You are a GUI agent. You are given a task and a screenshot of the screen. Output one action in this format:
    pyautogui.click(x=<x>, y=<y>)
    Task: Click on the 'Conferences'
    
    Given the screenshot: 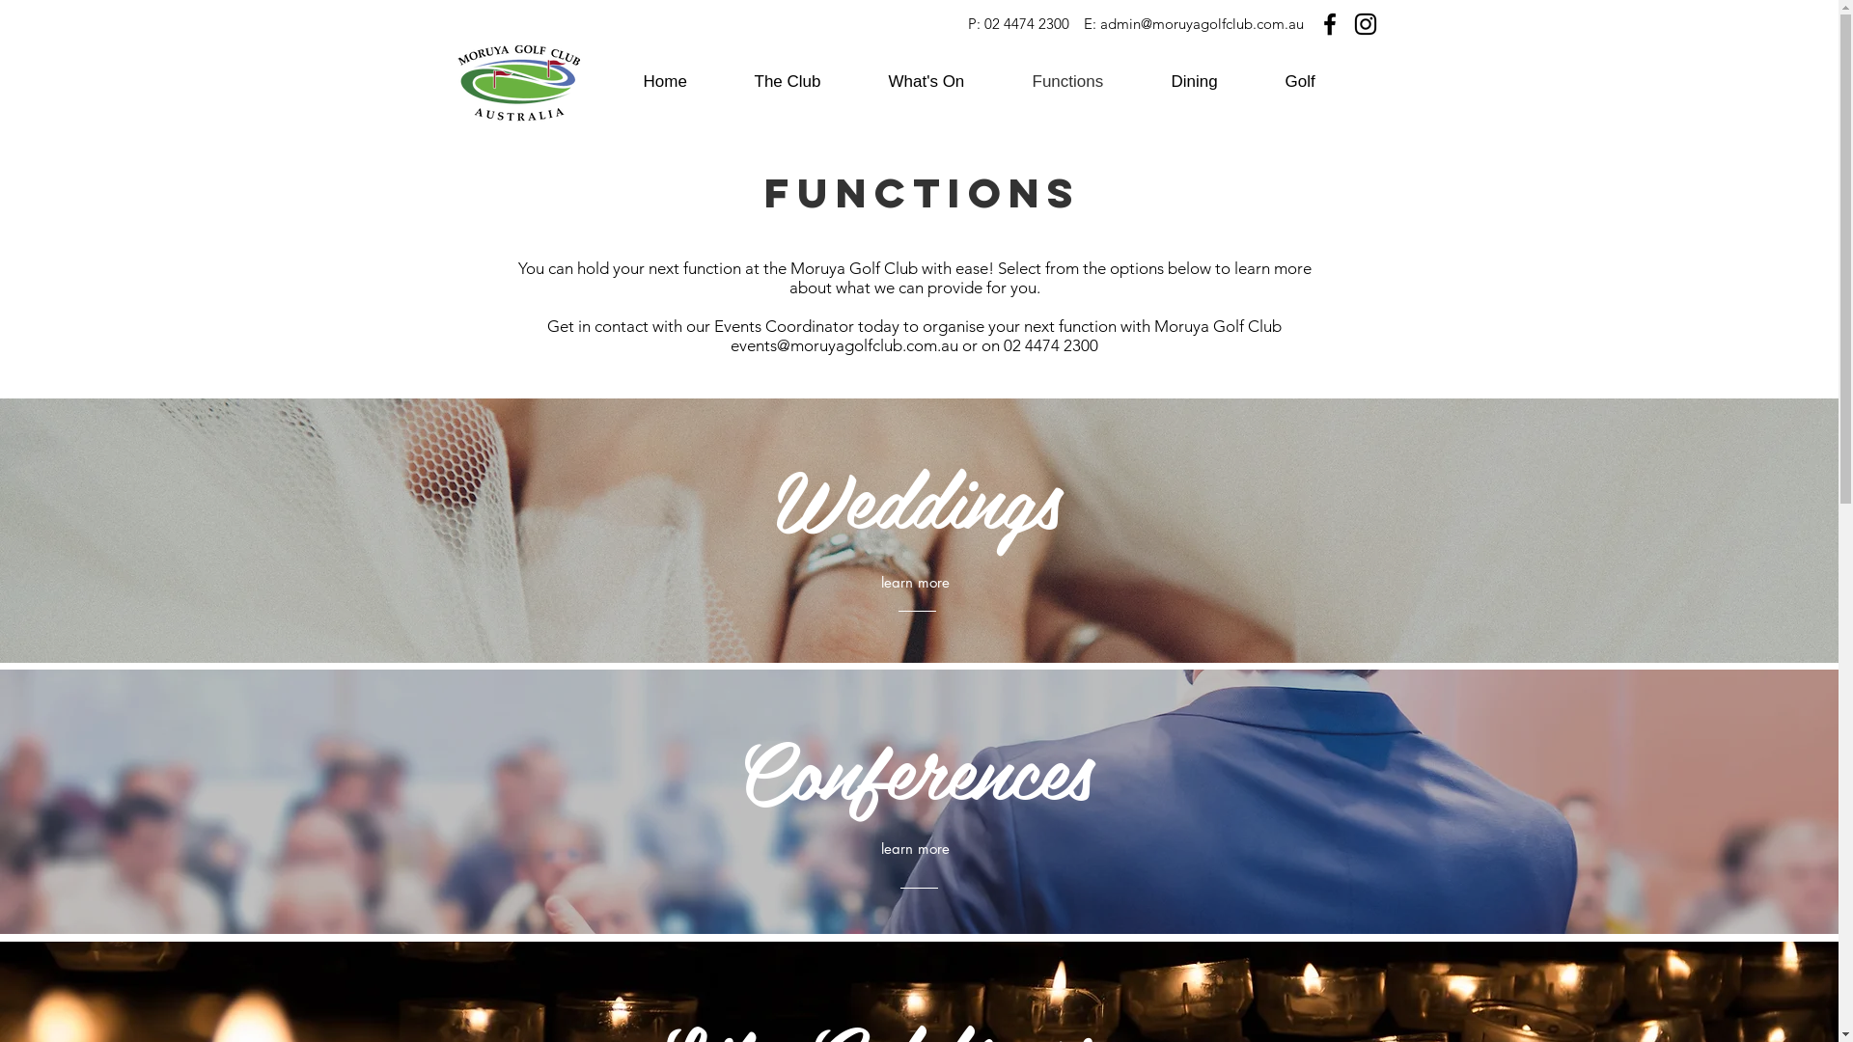 What is the action you would take?
    pyautogui.click(x=913, y=772)
    